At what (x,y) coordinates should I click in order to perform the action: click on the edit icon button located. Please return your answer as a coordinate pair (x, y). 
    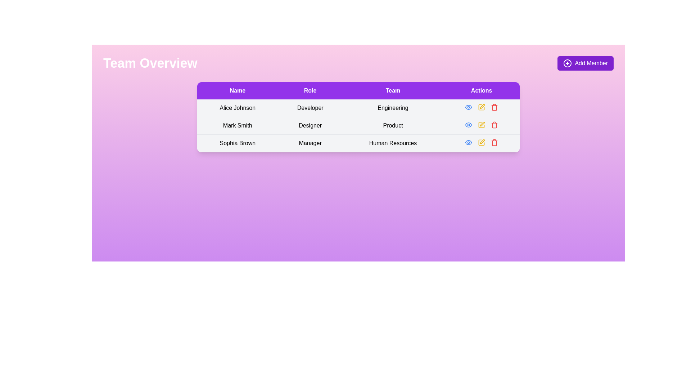
    Looking at the image, I should click on (482, 123).